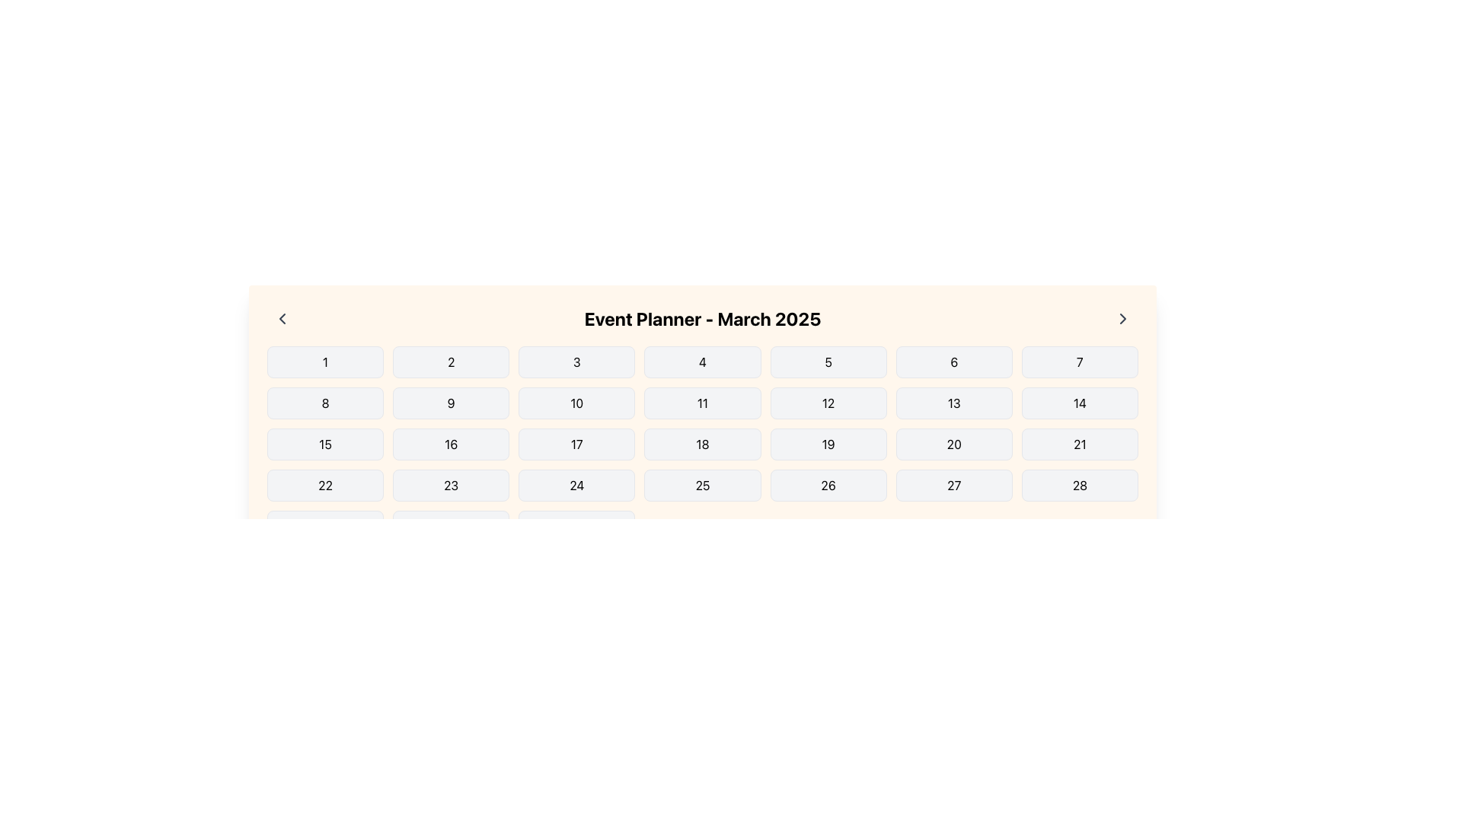 This screenshot has width=1462, height=822. What do you see at coordinates (450, 402) in the screenshot?
I see `the Text Label displaying the numeral '9' in the calendar grid` at bounding box center [450, 402].